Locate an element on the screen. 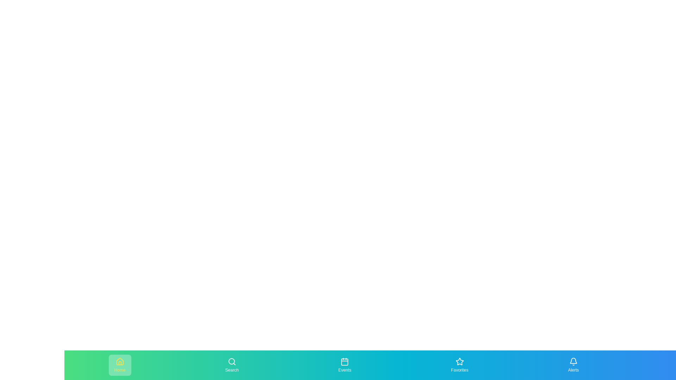 This screenshot has height=380, width=676. the navigation item Search is located at coordinates (231, 365).